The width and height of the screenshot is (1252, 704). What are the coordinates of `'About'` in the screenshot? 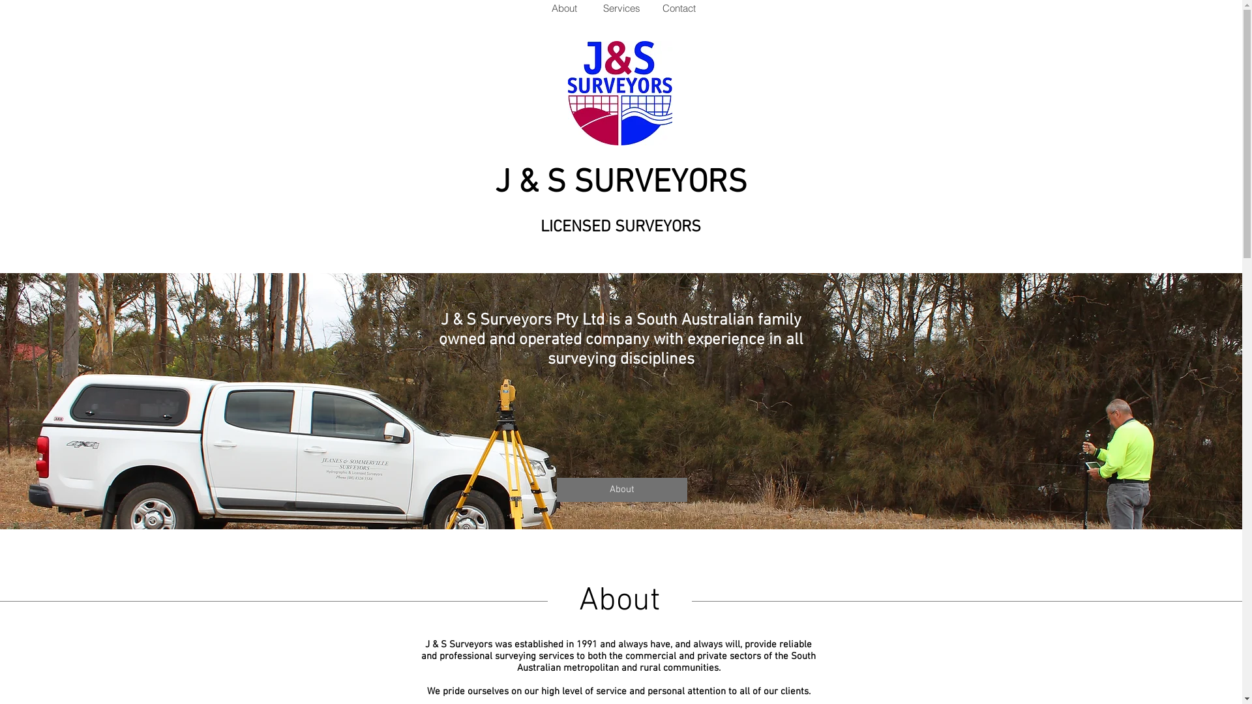 It's located at (563, 8).